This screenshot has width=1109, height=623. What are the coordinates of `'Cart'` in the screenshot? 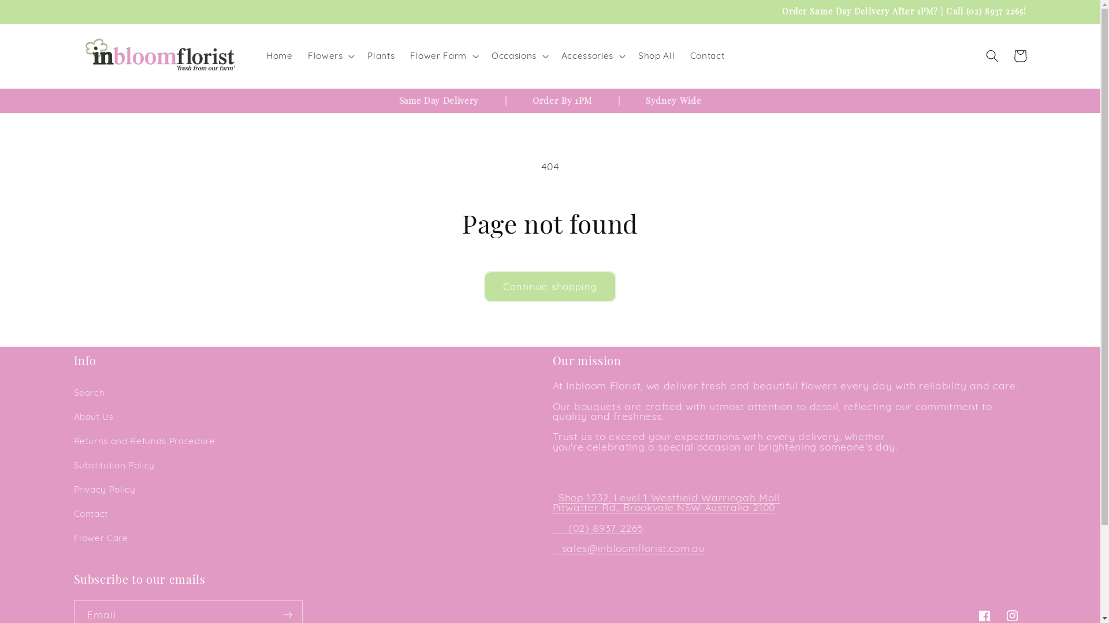 It's located at (1020, 55).